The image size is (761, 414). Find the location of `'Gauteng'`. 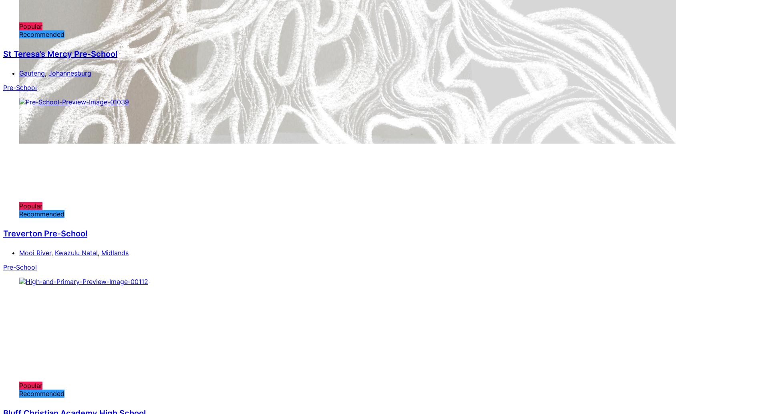

'Gauteng' is located at coordinates (32, 73).